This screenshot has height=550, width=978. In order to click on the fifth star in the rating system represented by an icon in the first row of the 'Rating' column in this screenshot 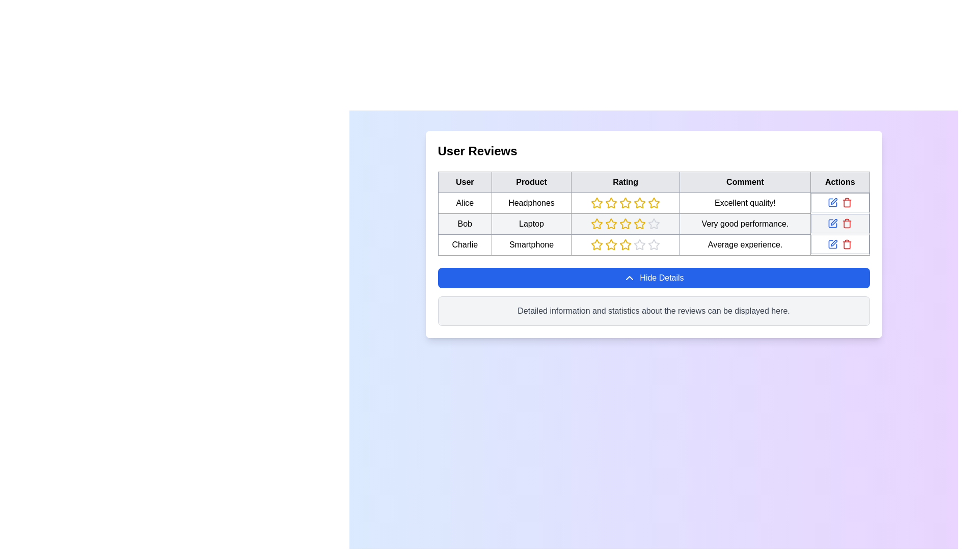, I will do `click(654, 203)`.